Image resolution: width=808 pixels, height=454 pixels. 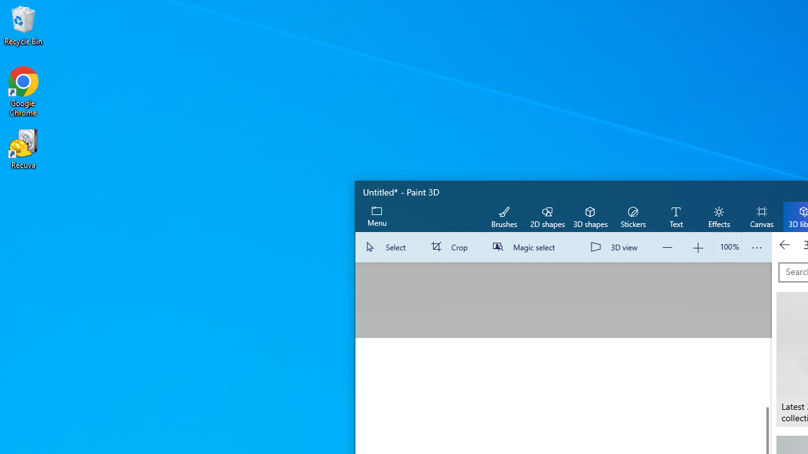 I want to click on 'Stickers', so click(x=633, y=216).